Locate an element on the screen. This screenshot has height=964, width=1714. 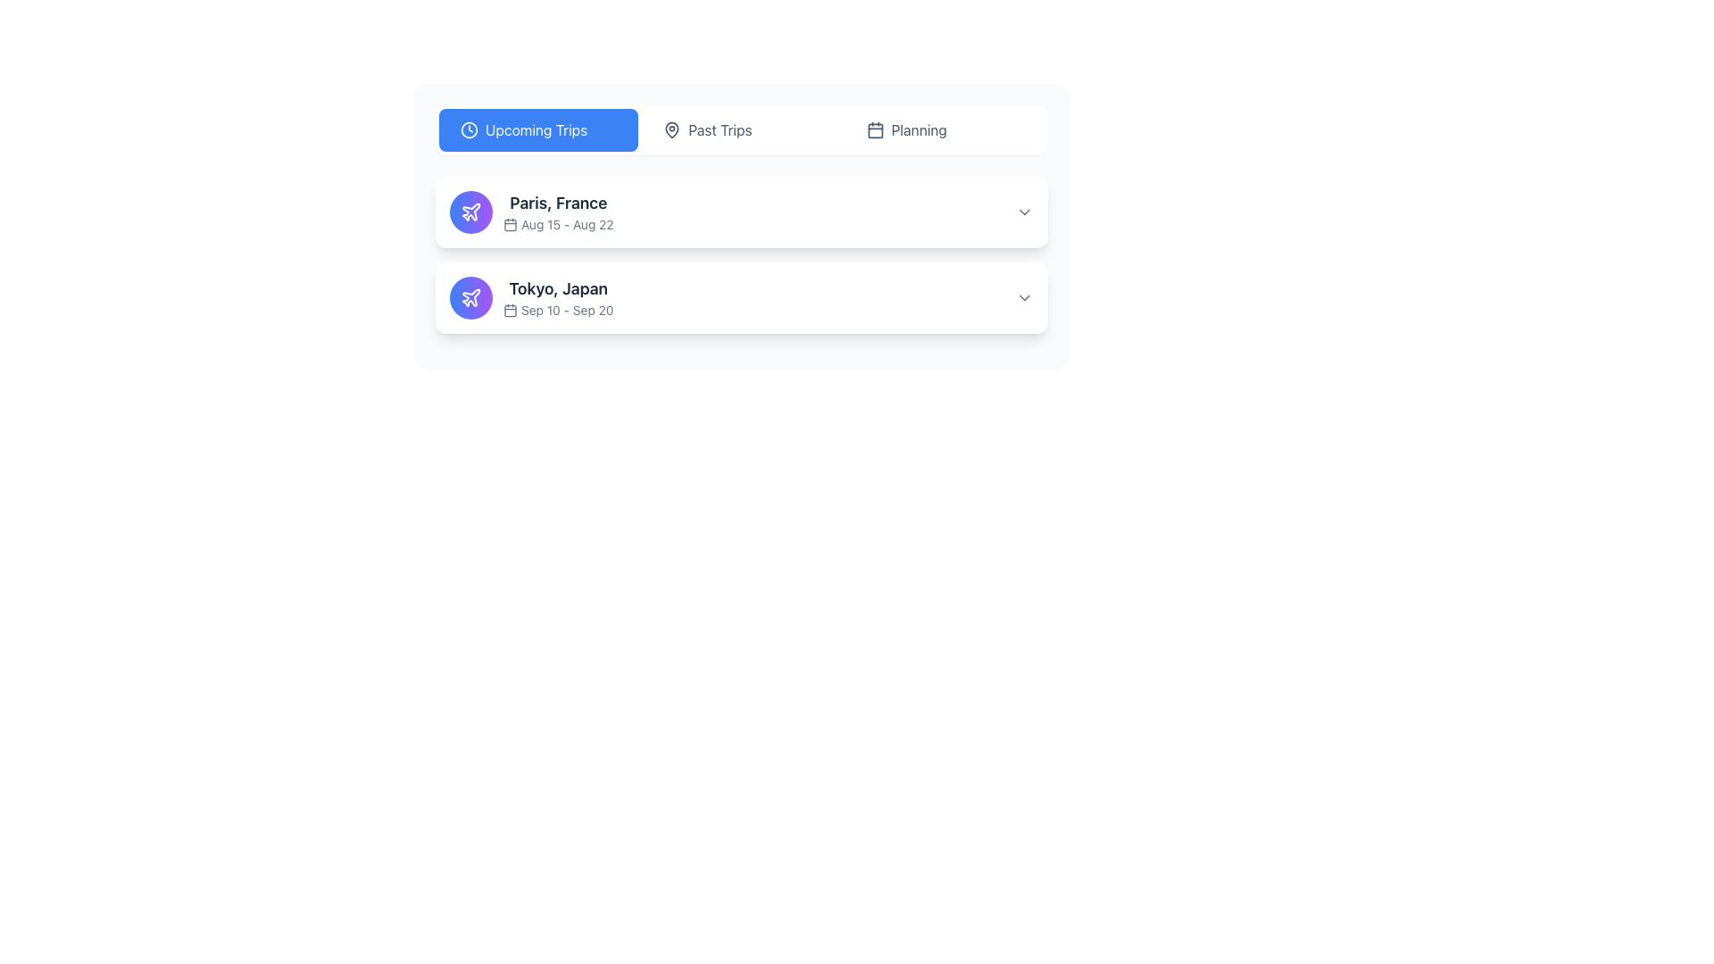
the second icon in the trip list for the 'Tokyo, Japan' trip entry, which visually indicates air travel is located at coordinates (471, 211).